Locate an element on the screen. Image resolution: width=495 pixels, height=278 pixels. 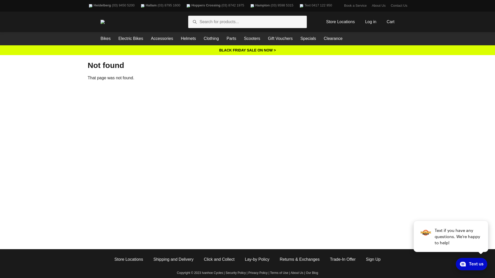
'About Us' is located at coordinates (372, 6).